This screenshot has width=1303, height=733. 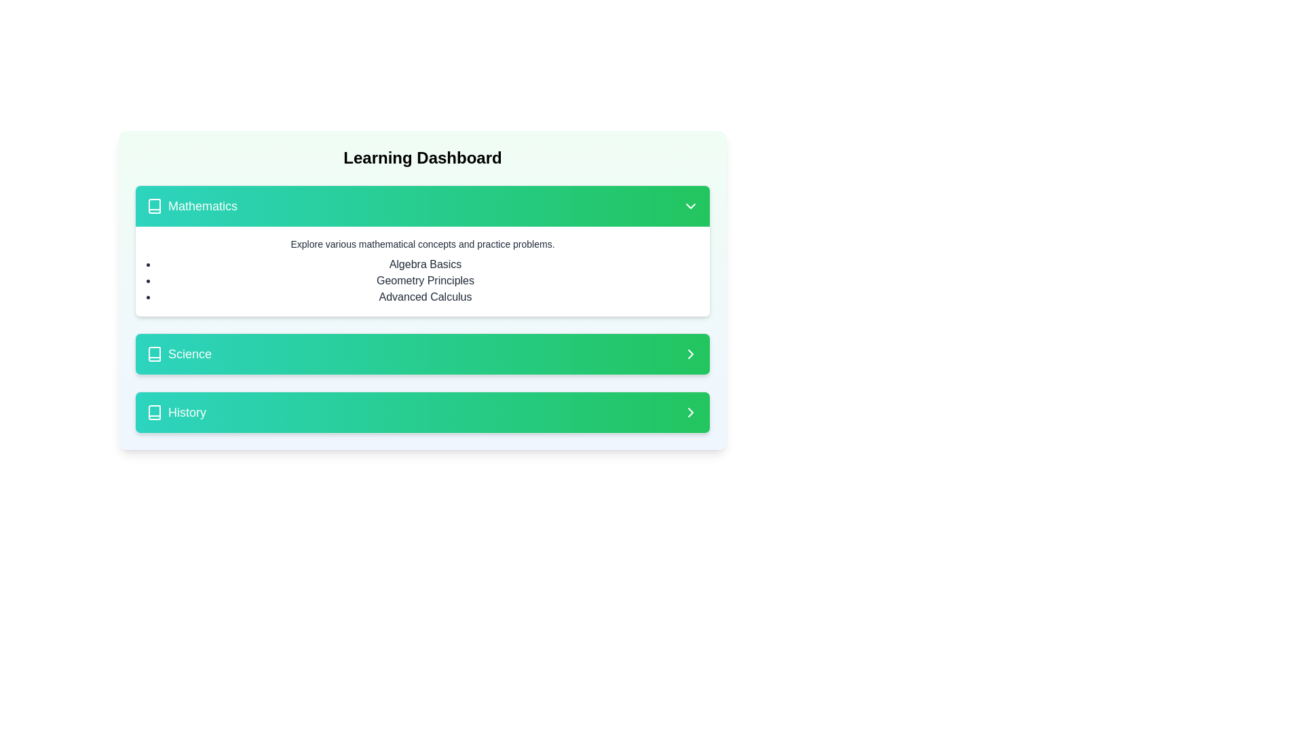 What do you see at coordinates (154, 412) in the screenshot?
I see `the open book icon embedded within the green 'History' button, which is the third button in a vertical stack of three buttons` at bounding box center [154, 412].